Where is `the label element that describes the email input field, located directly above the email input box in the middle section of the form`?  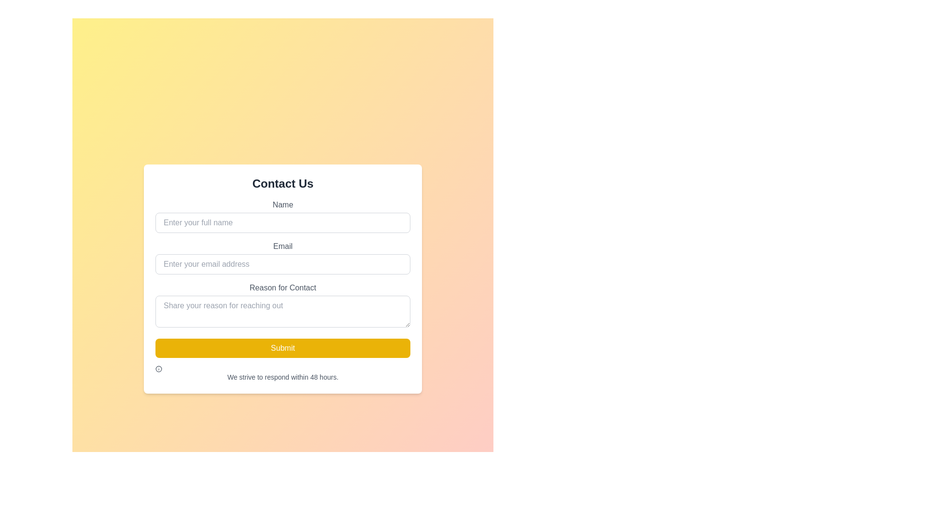
the label element that describes the email input field, located directly above the email input box in the middle section of the form is located at coordinates (282, 245).